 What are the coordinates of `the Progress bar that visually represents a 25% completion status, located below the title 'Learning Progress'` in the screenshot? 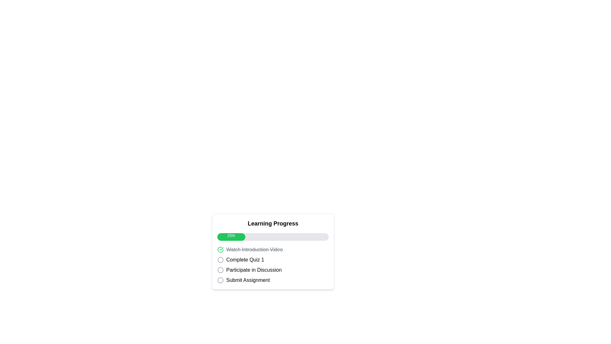 It's located at (273, 237).